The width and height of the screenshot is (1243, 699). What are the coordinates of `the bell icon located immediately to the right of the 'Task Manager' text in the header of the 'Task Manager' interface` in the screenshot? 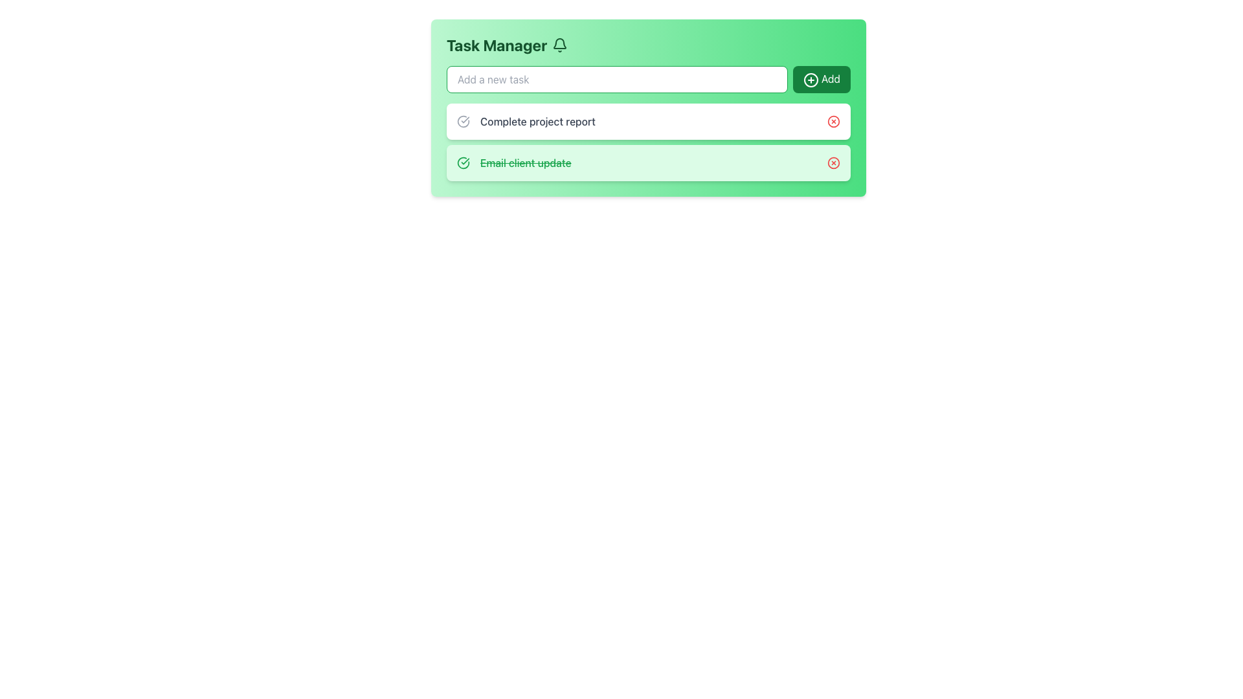 It's located at (560, 44).